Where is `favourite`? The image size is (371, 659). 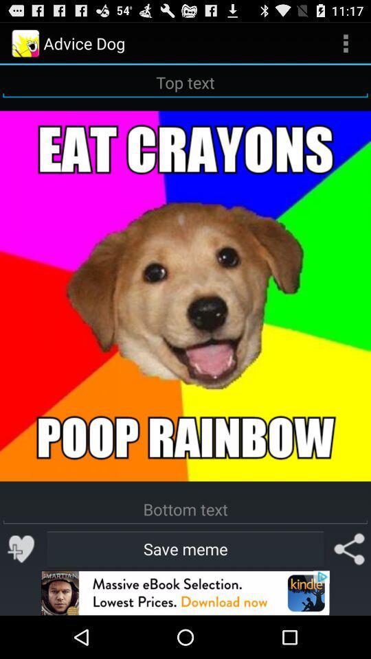 favourite is located at coordinates (21, 548).